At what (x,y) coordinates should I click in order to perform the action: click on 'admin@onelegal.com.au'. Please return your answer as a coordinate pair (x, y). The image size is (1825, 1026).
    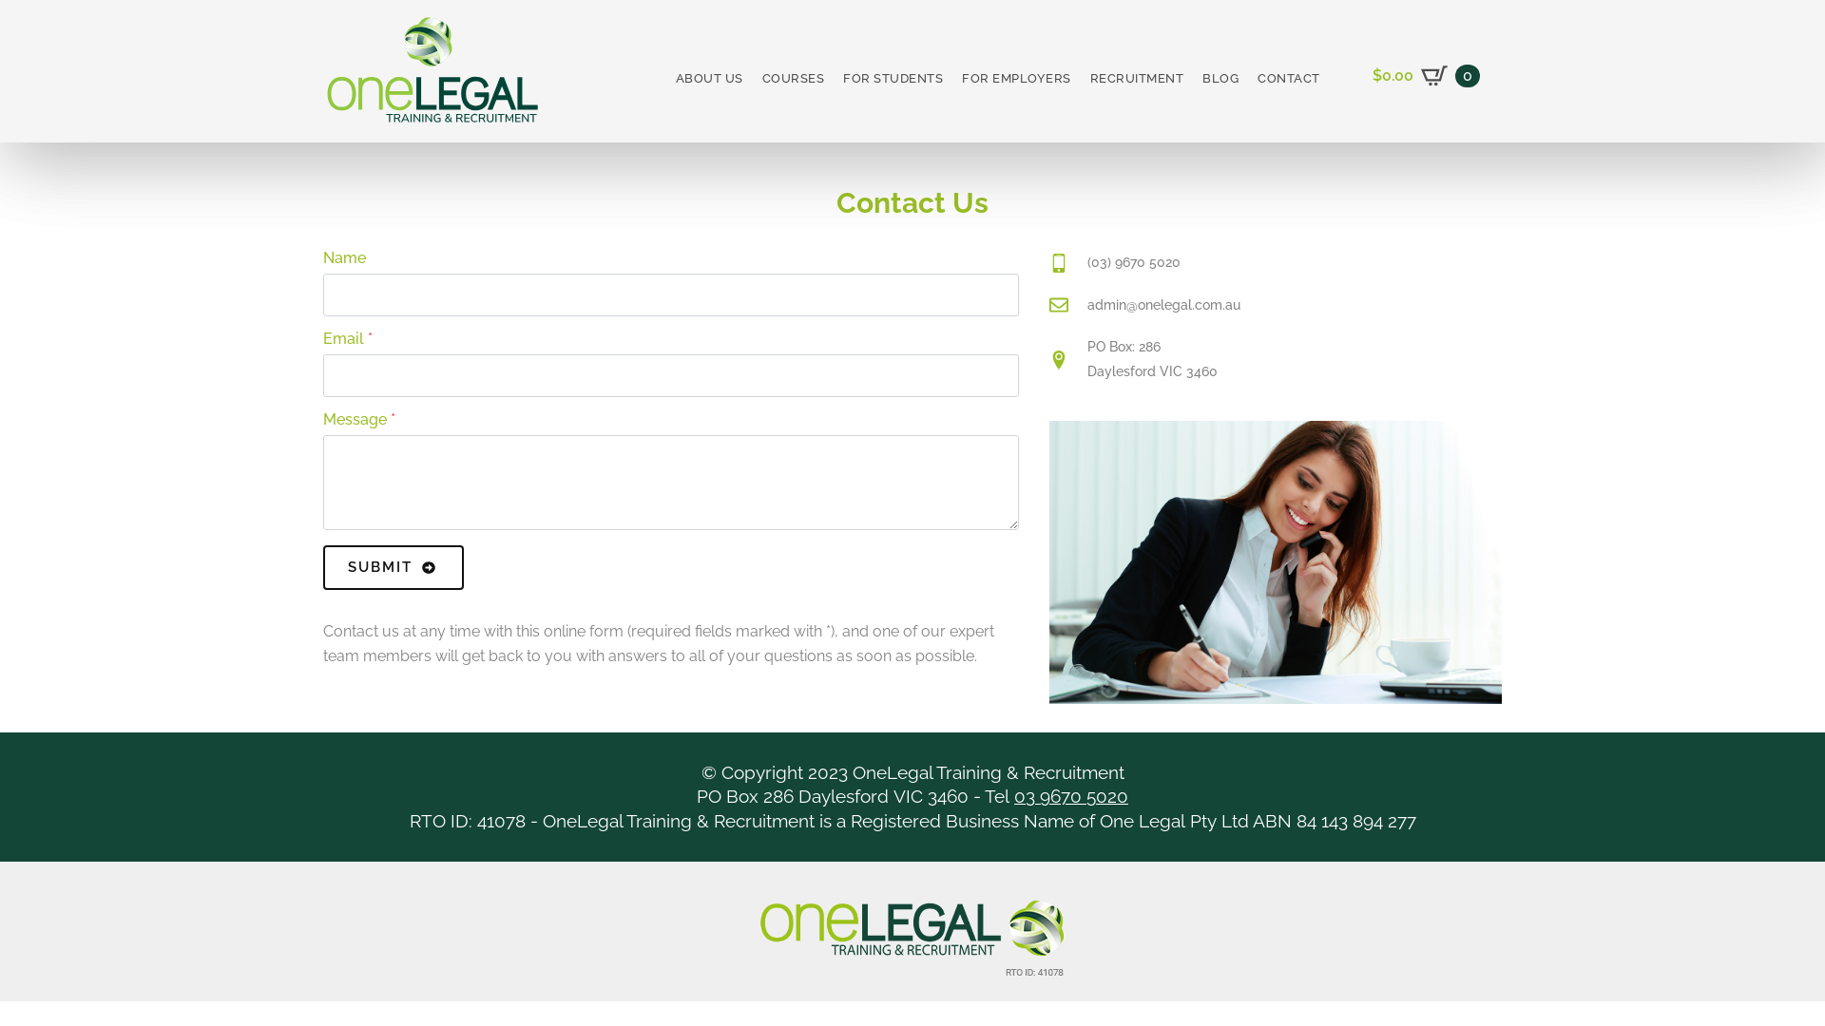
    Looking at the image, I should click on (1143, 304).